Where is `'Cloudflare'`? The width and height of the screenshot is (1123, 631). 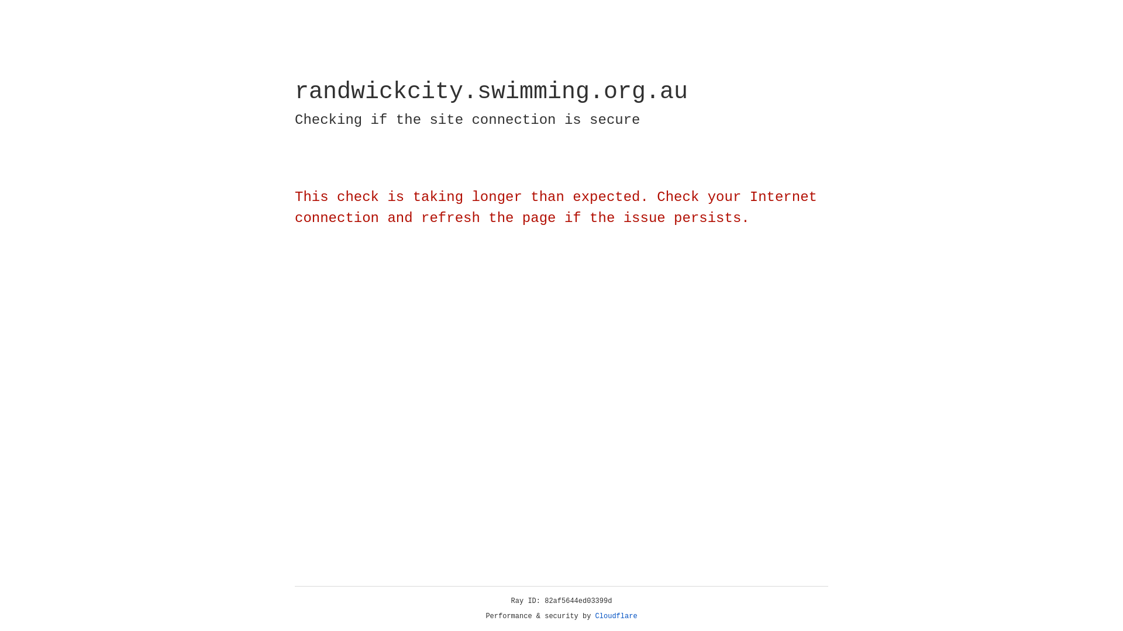
'Cloudflare' is located at coordinates (616, 616).